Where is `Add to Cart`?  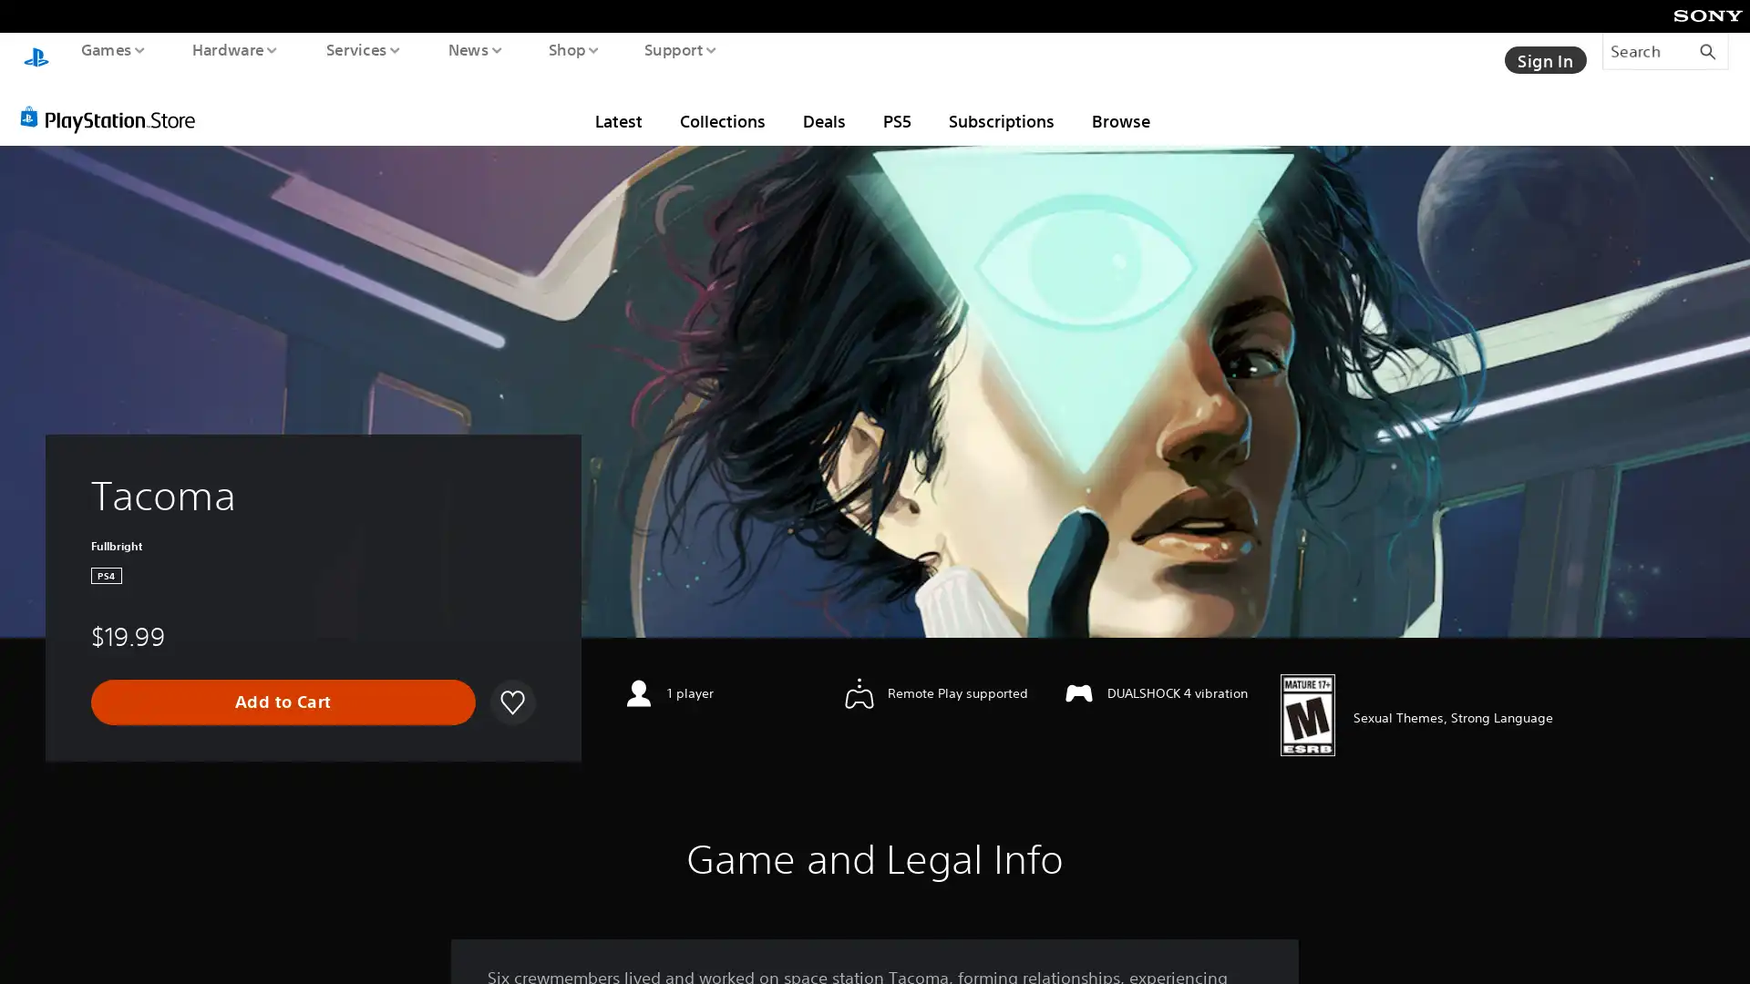 Add to Cart is located at coordinates (282, 685).